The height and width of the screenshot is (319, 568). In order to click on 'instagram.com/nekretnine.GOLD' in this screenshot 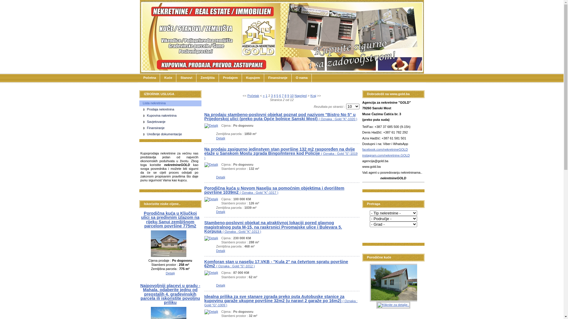, I will do `click(386, 155)`.